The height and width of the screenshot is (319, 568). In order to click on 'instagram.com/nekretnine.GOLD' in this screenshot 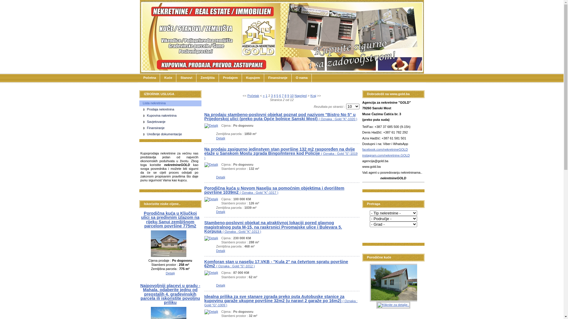, I will do `click(386, 155)`.